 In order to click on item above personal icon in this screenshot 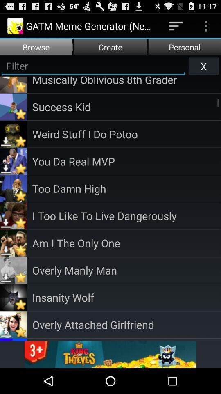, I will do `click(175, 25)`.